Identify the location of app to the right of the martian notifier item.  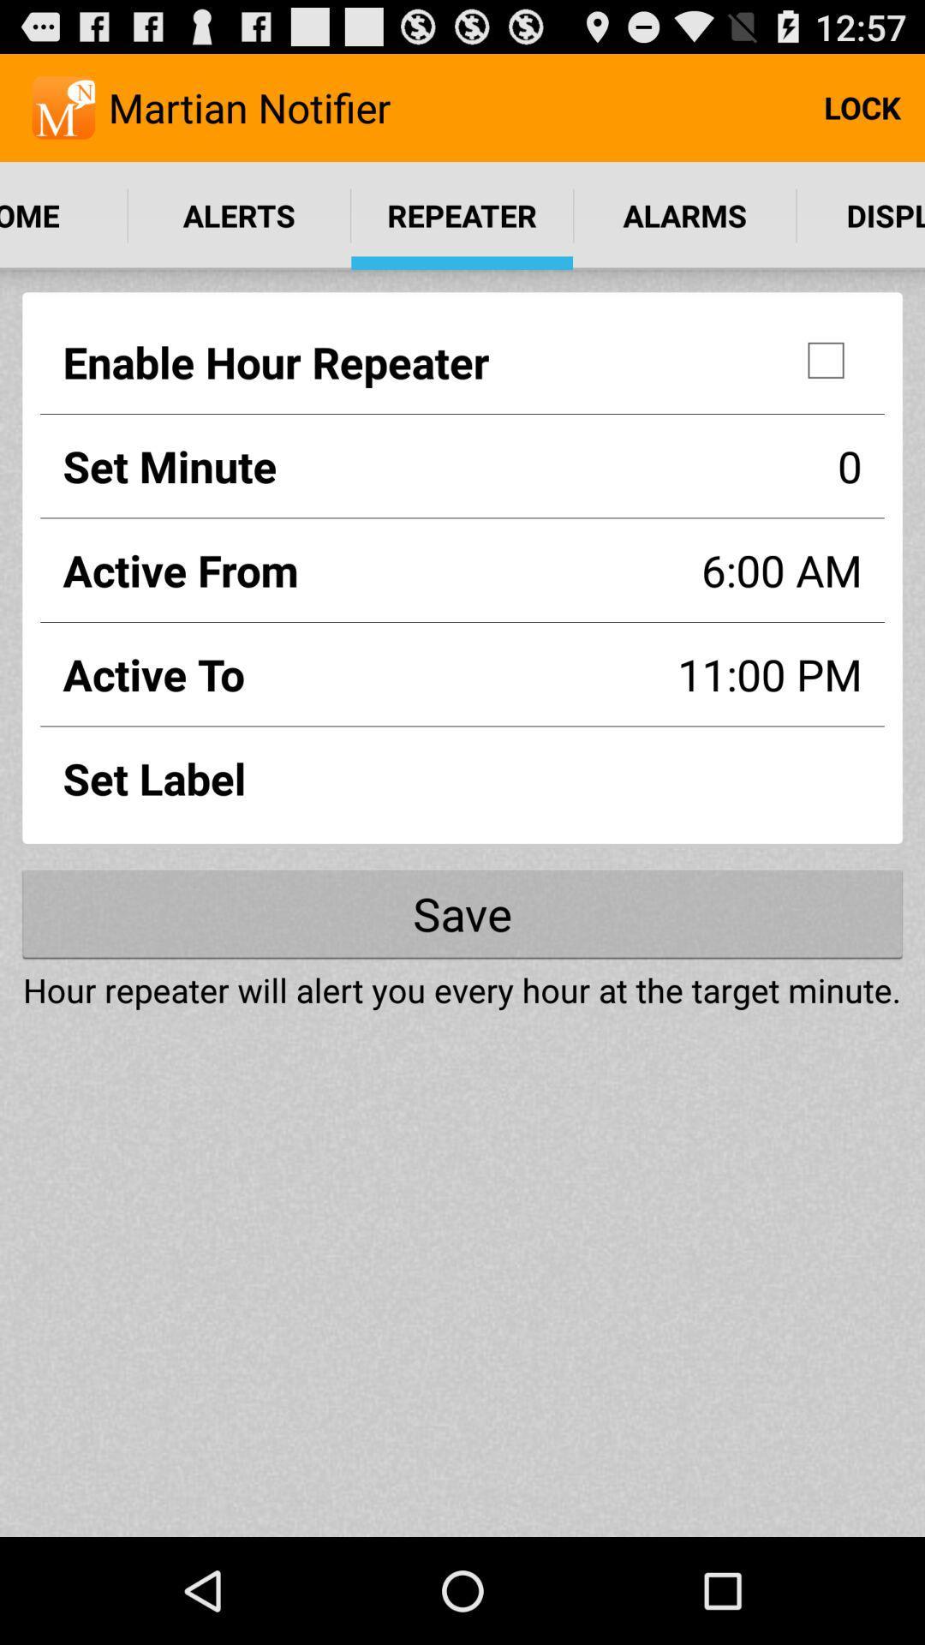
(862, 106).